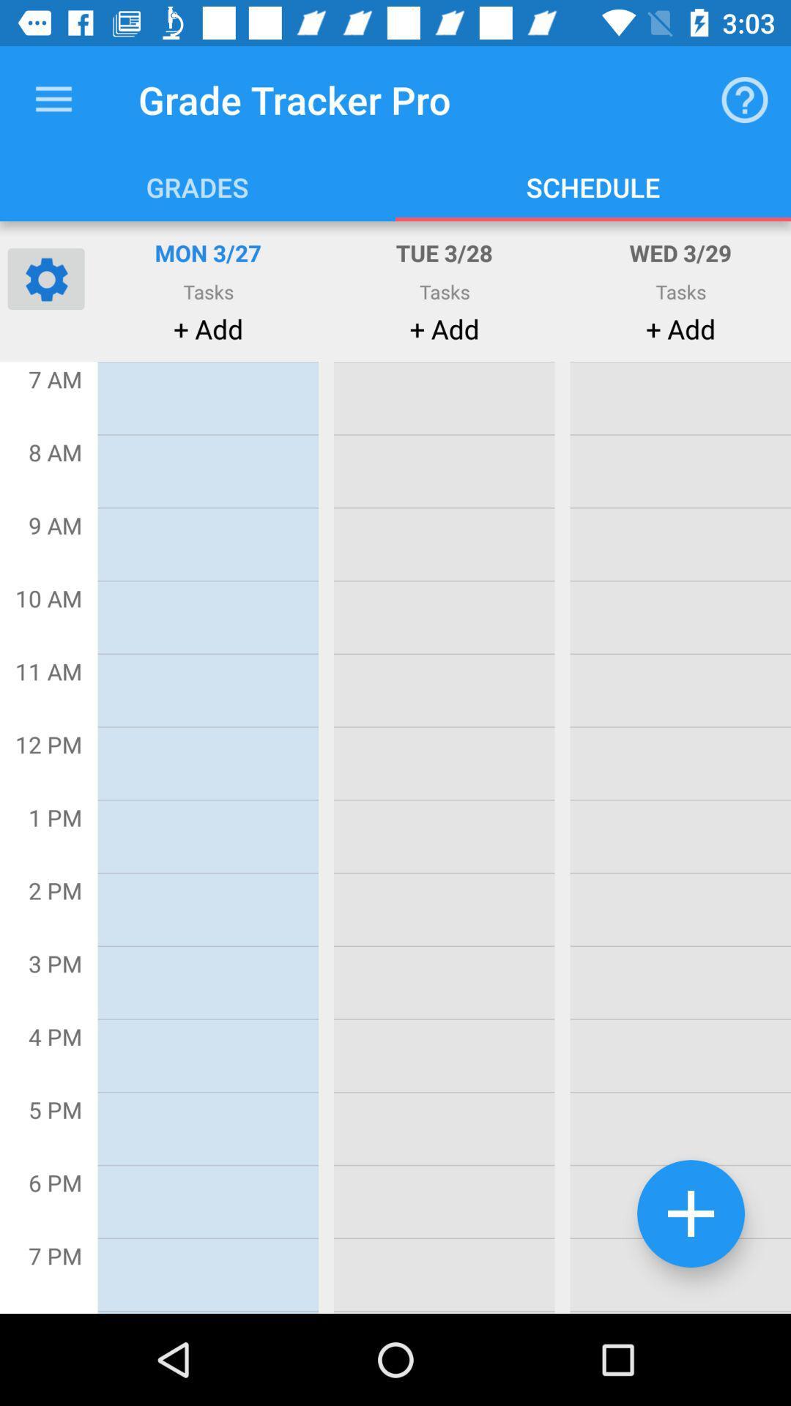 The height and width of the screenshot is (1406, 791). Describe the element at coordinates (45, 278) in the screenshot. I see `the settings icon` at that location.